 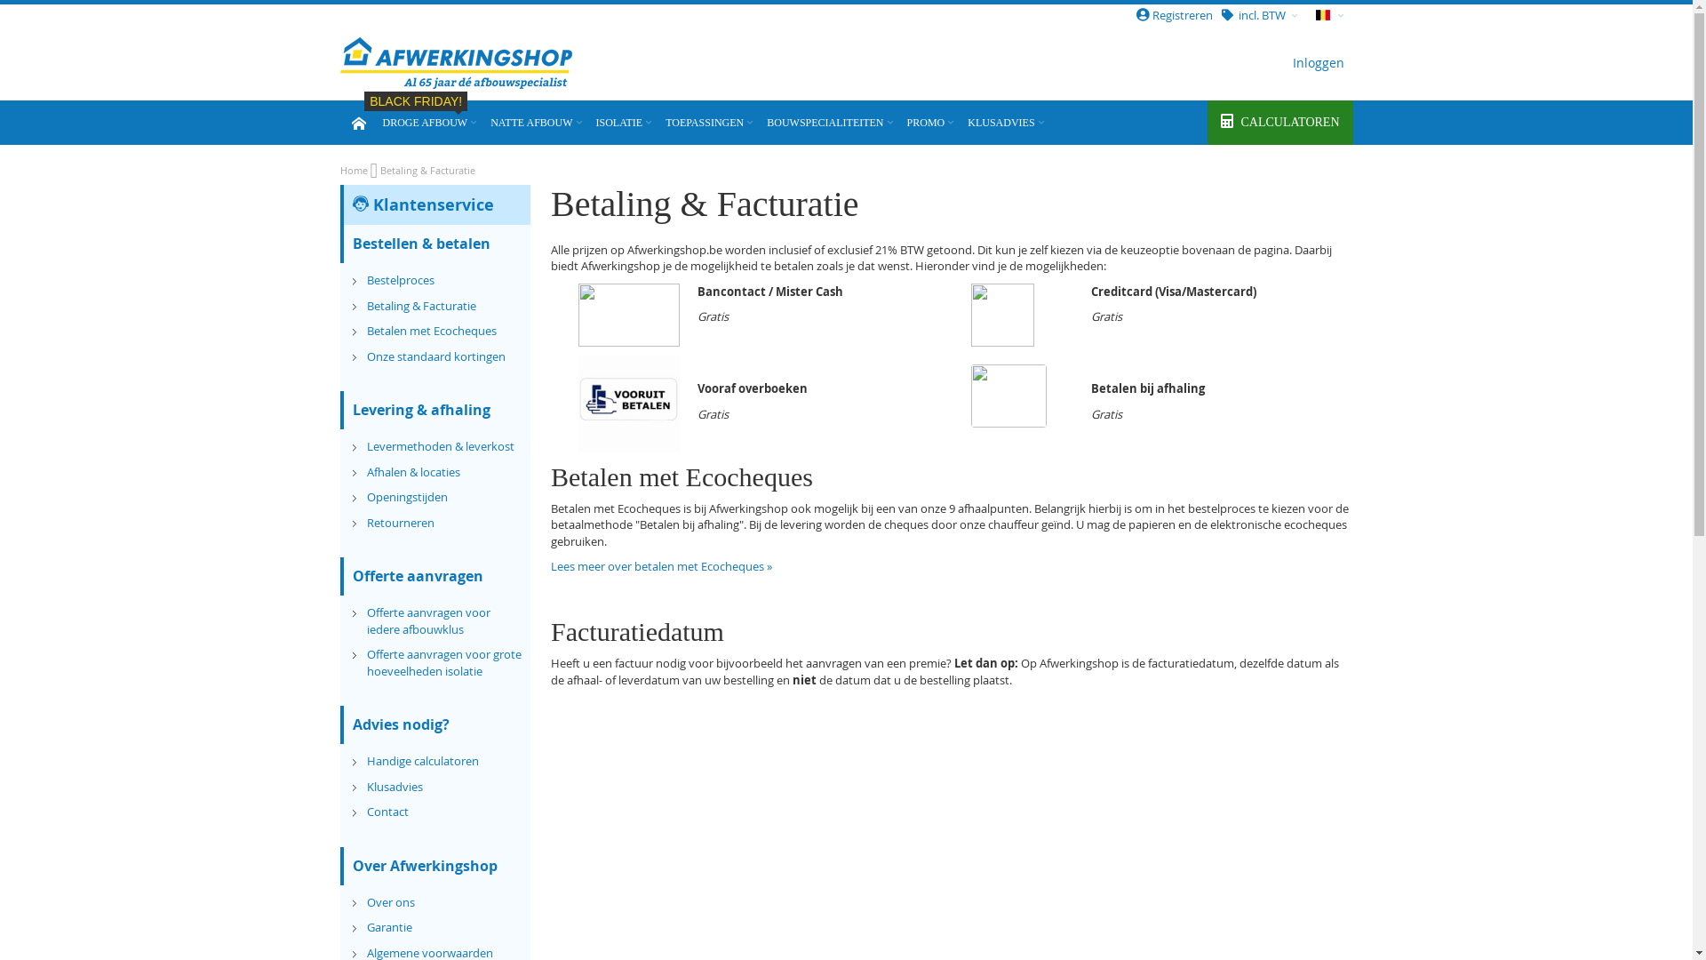 What do you see at coordinates (387, 925) in the screenshot?
I see `'Garantie'` at bounding box center [387, 925].